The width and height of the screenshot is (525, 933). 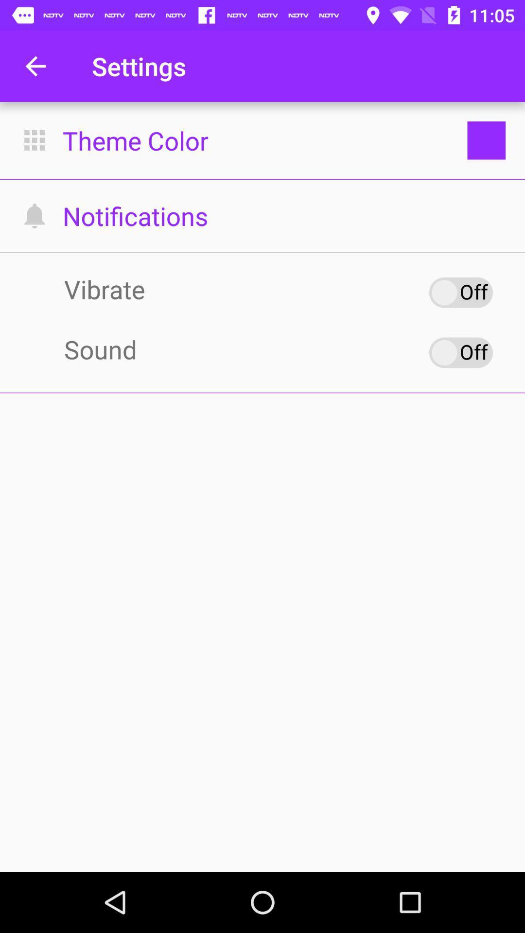 What do you see at coordinates (35, 66) in the screenshot?
I see `the item next to settings item` at bounding box center [35, 66].